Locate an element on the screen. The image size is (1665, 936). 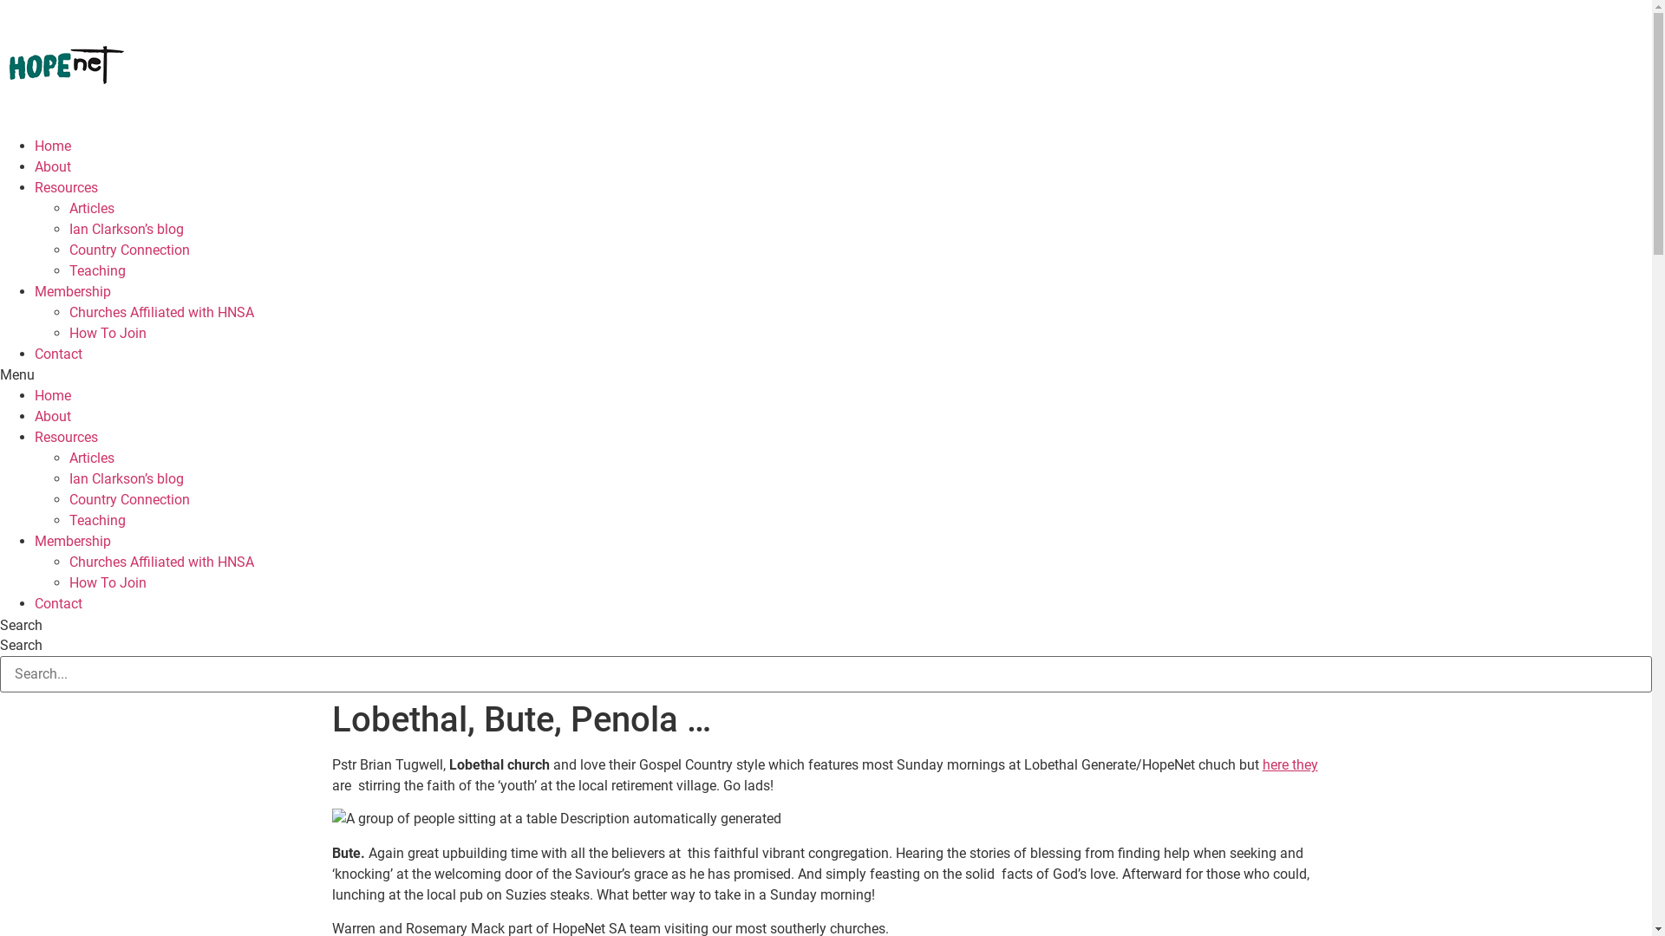
'Home' is located at coordinates (53, 395).